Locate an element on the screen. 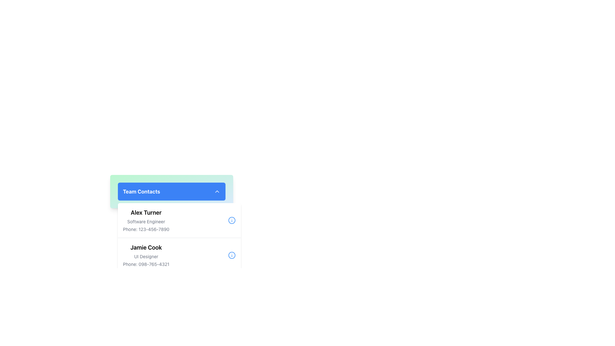 The width and height of the screenshot is (615, 346). displayed information from the text block containing the name 'Jamie Cook', job title 'UI Designer', and phone number 'Phone: 098-765-4321' is located at coordinates (146, 255).